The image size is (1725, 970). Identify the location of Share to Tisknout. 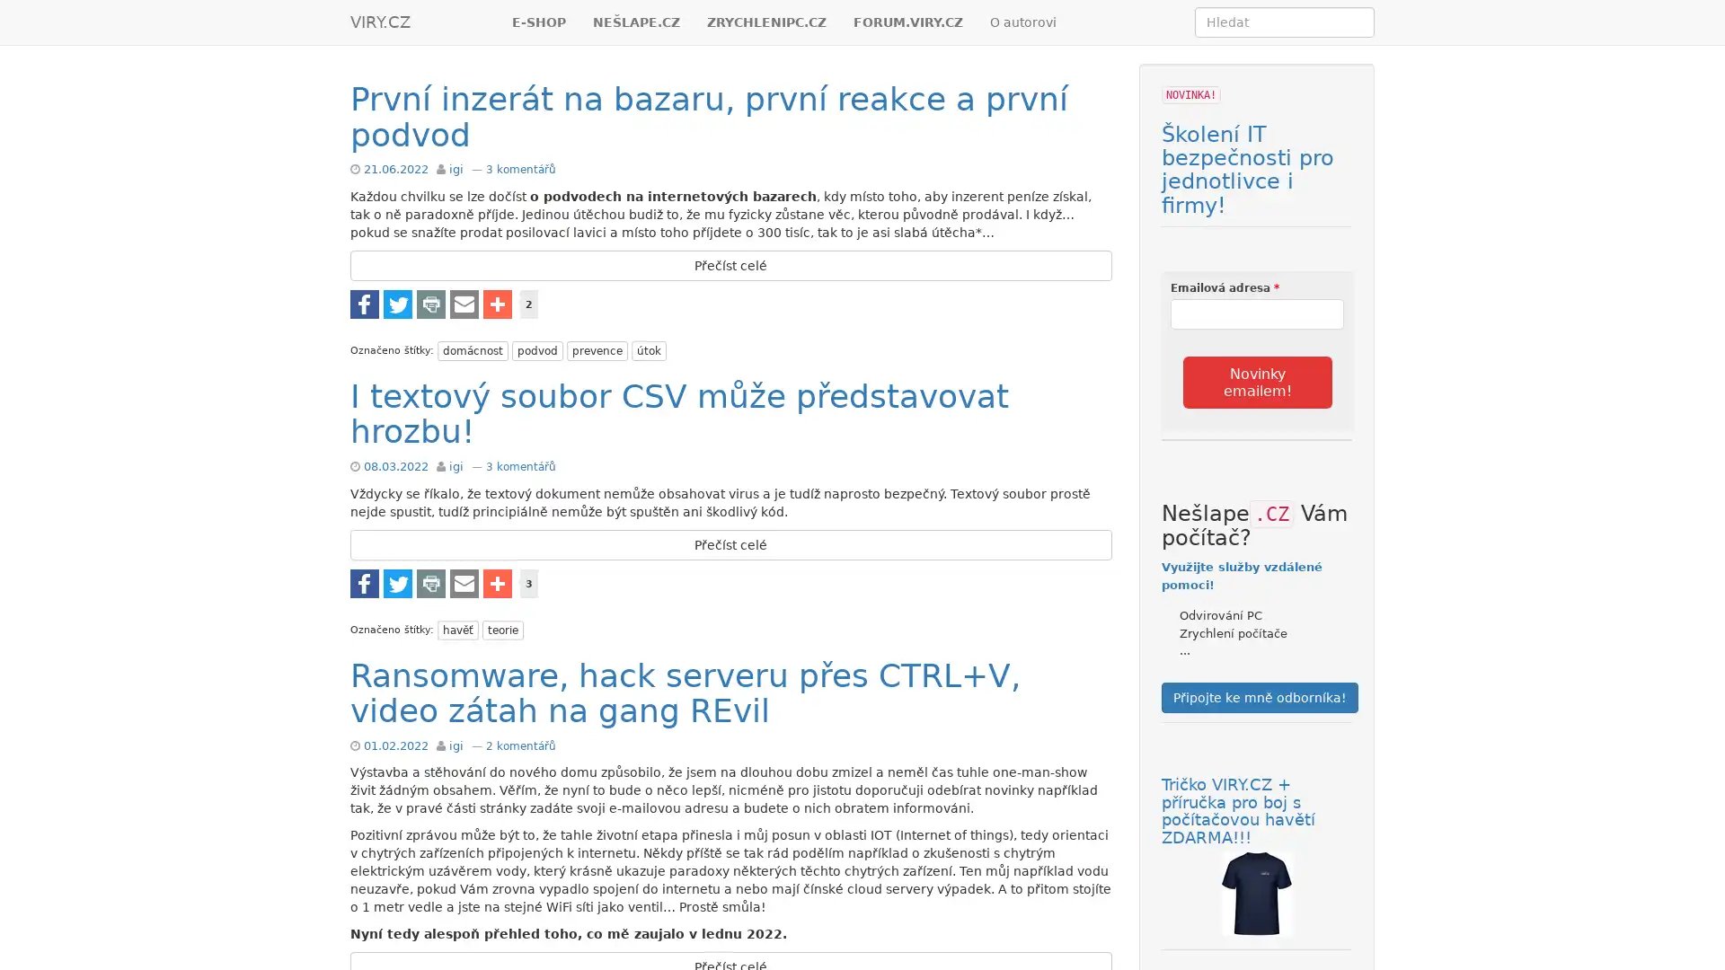
(431, 303).